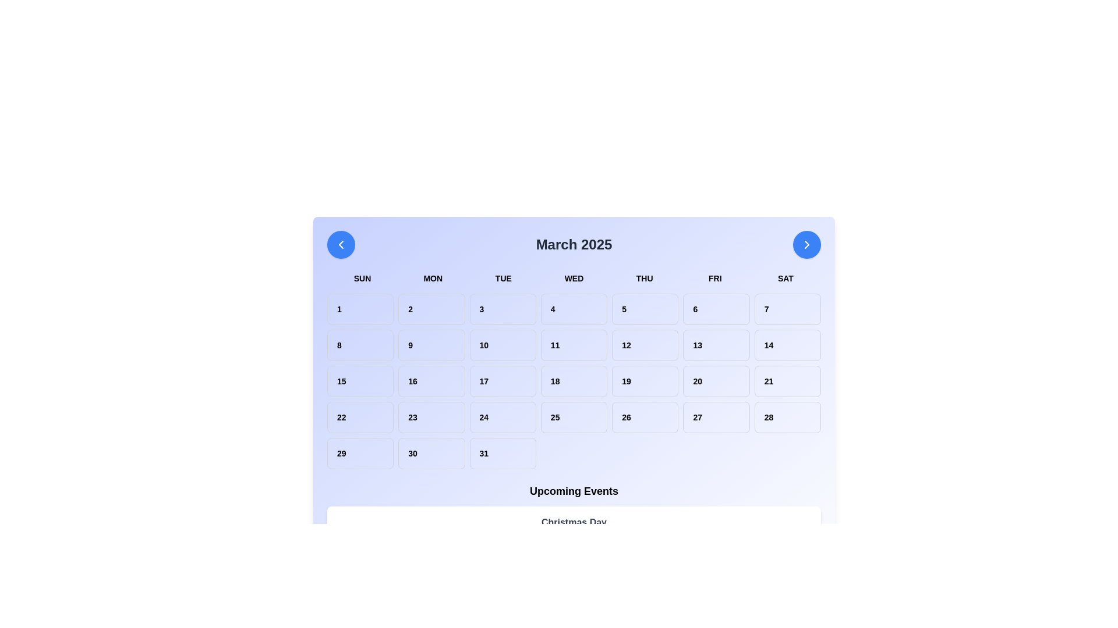  I want to click on the chevron button with a blue circular background located at the far left of the interface, near the top, so click(340, 244).